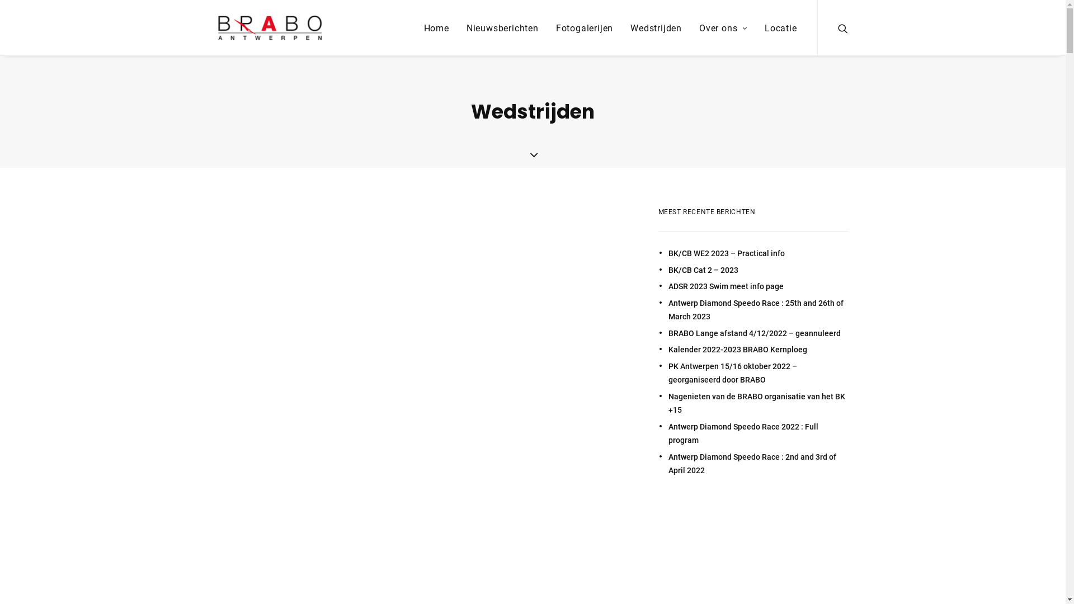 The width and height of the screenshot is (1074, 604). I want to click on 'Fotogalerijen', so click(584, 27).